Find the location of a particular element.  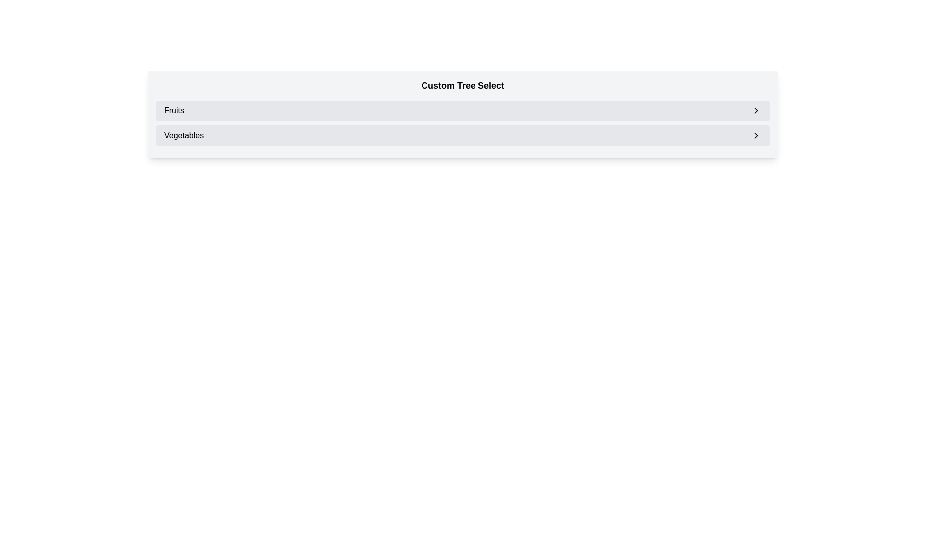

the right-facing chevron icon associated with the 'Vegetables' menu item is located at coordinates (755, 135).